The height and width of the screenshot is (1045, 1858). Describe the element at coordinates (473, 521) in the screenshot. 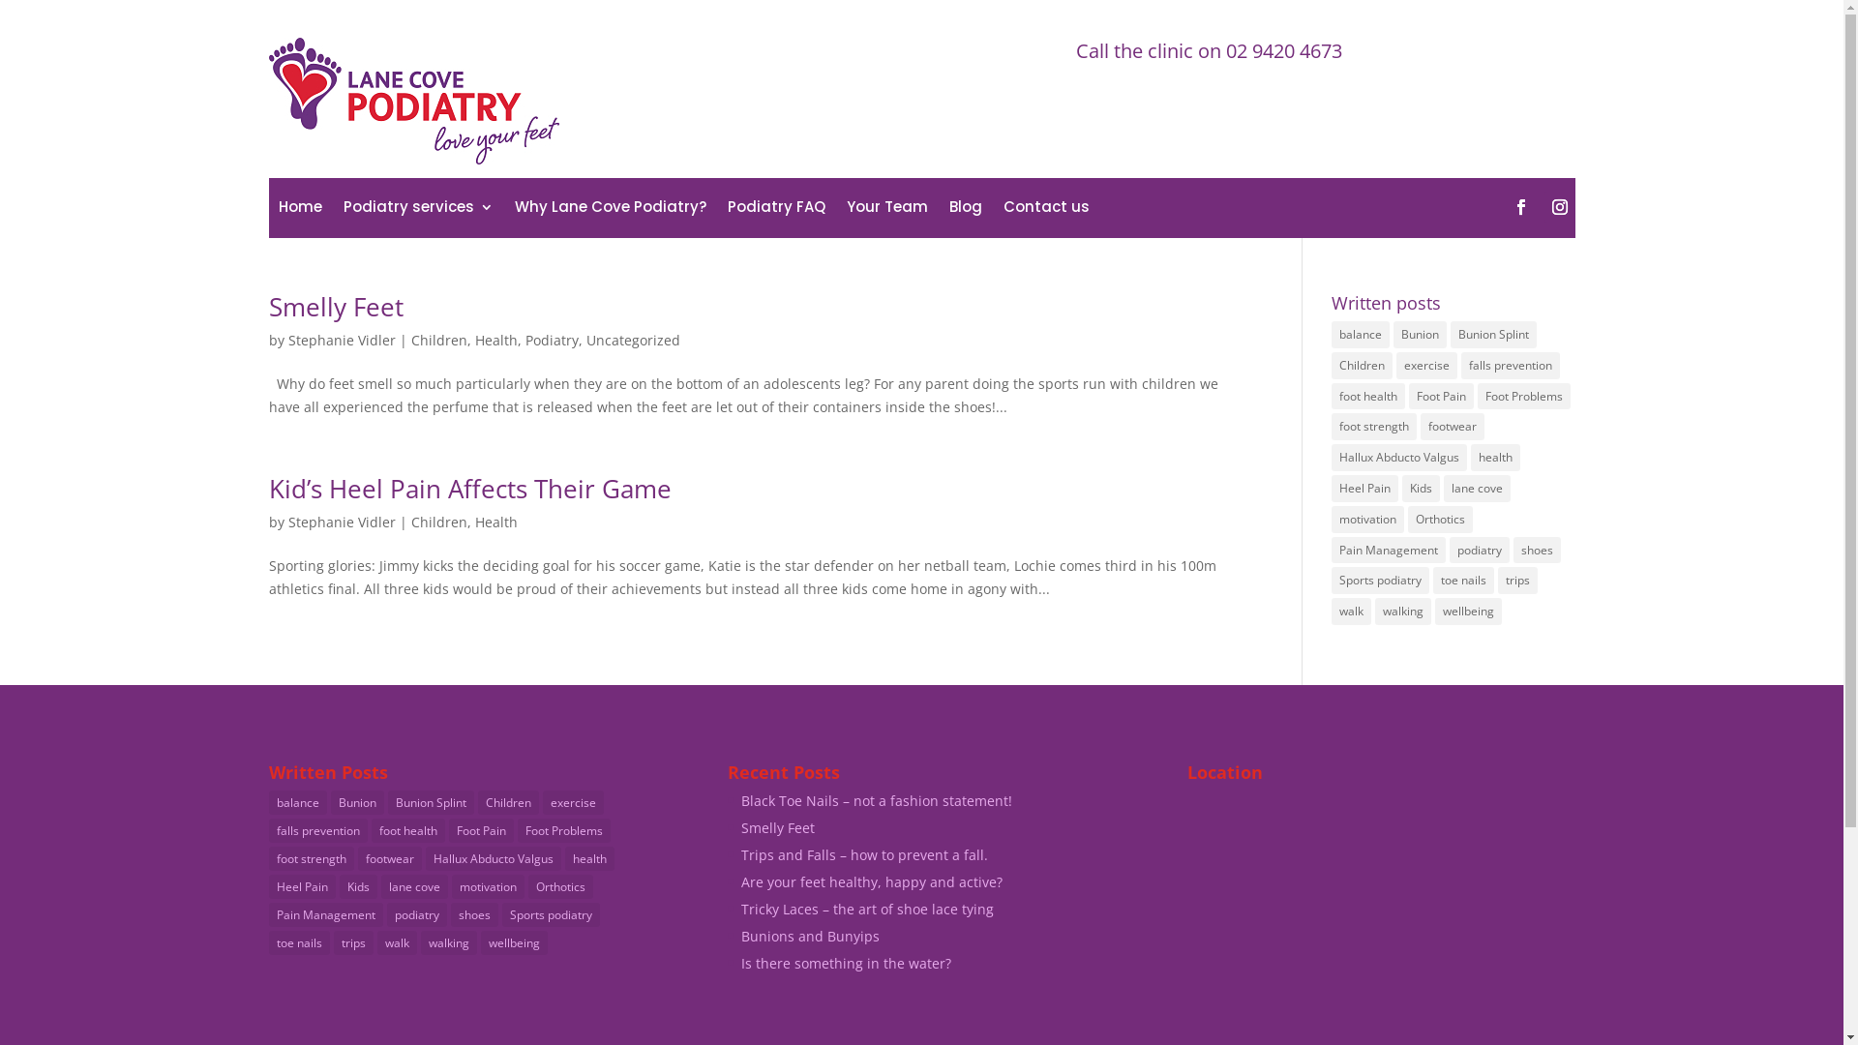

I see `'Health'` at that location.